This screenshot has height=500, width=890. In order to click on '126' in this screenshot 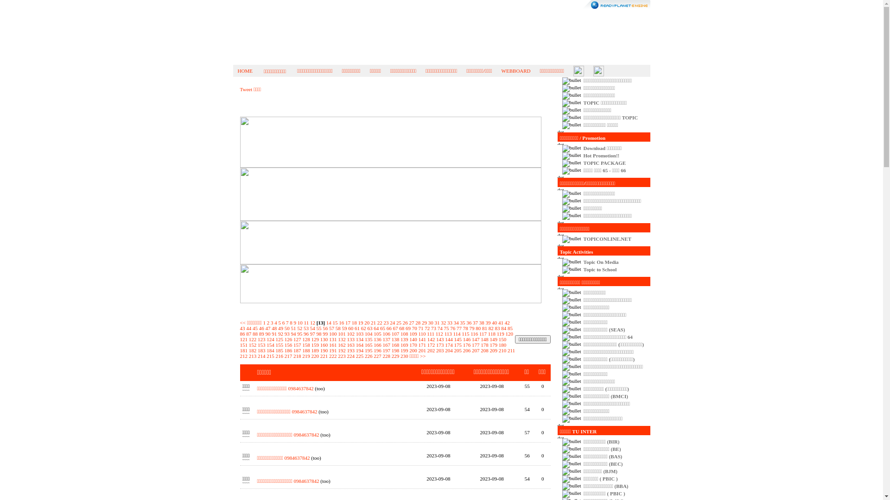, I will do `click(288, 339)`.